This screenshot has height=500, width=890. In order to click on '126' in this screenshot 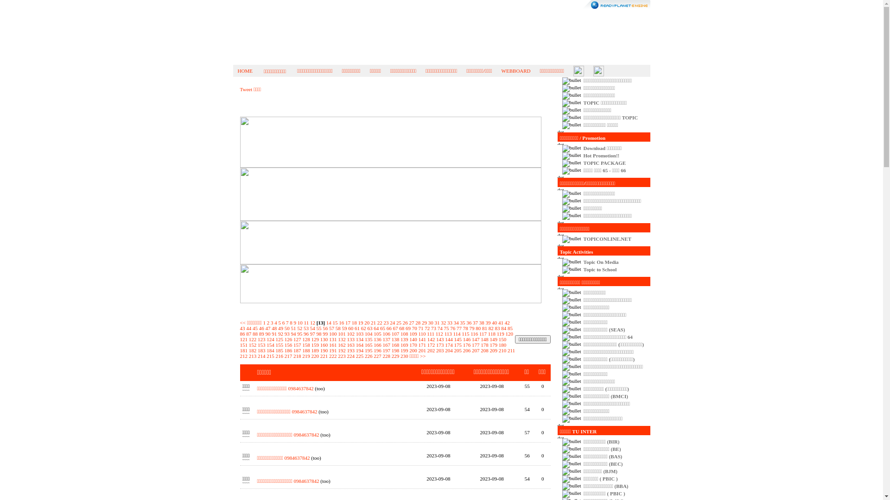, I will do `click(288, 339)`.